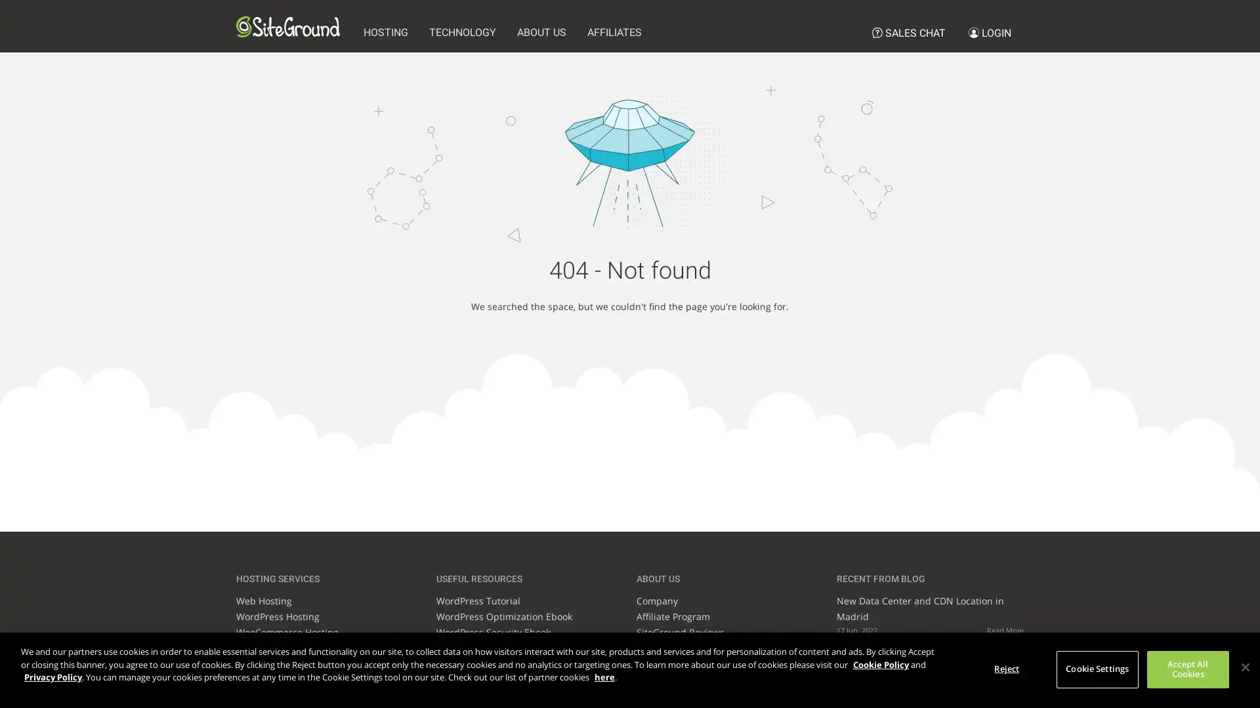 The height and width of the screenshot is (708, 1260). Describe the element at coordinates (1005, 669) in the screenshot. I see `Reject` at that location.